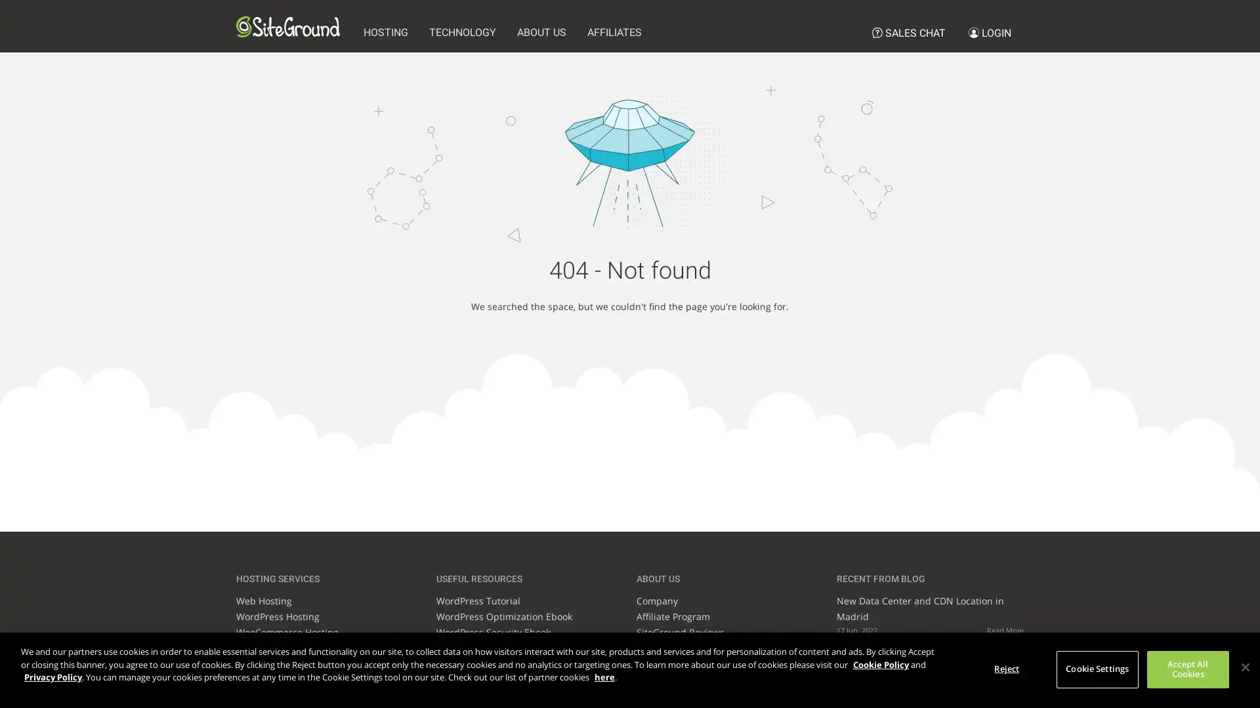 The height and width of the screenshot is (708, 1260). Describe the element at coordinates (1005, 669) in the screenshot. I see `Reject` at that location.